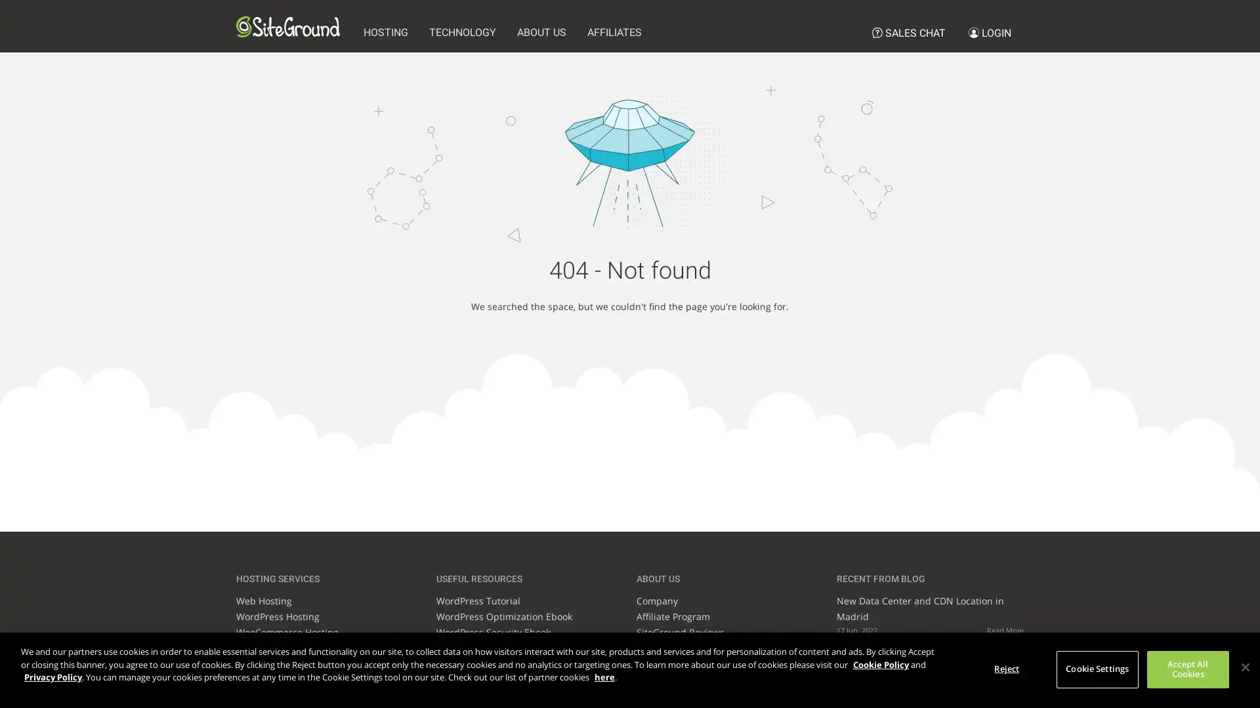 The height and width of the screenshot is (708, 1260). Describe the element at coordinates (1005, 669) in the screenshot. I see `Reject` at that location.